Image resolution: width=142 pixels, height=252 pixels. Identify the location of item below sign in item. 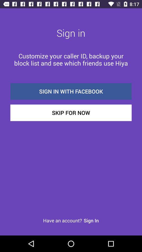
(71, 59).